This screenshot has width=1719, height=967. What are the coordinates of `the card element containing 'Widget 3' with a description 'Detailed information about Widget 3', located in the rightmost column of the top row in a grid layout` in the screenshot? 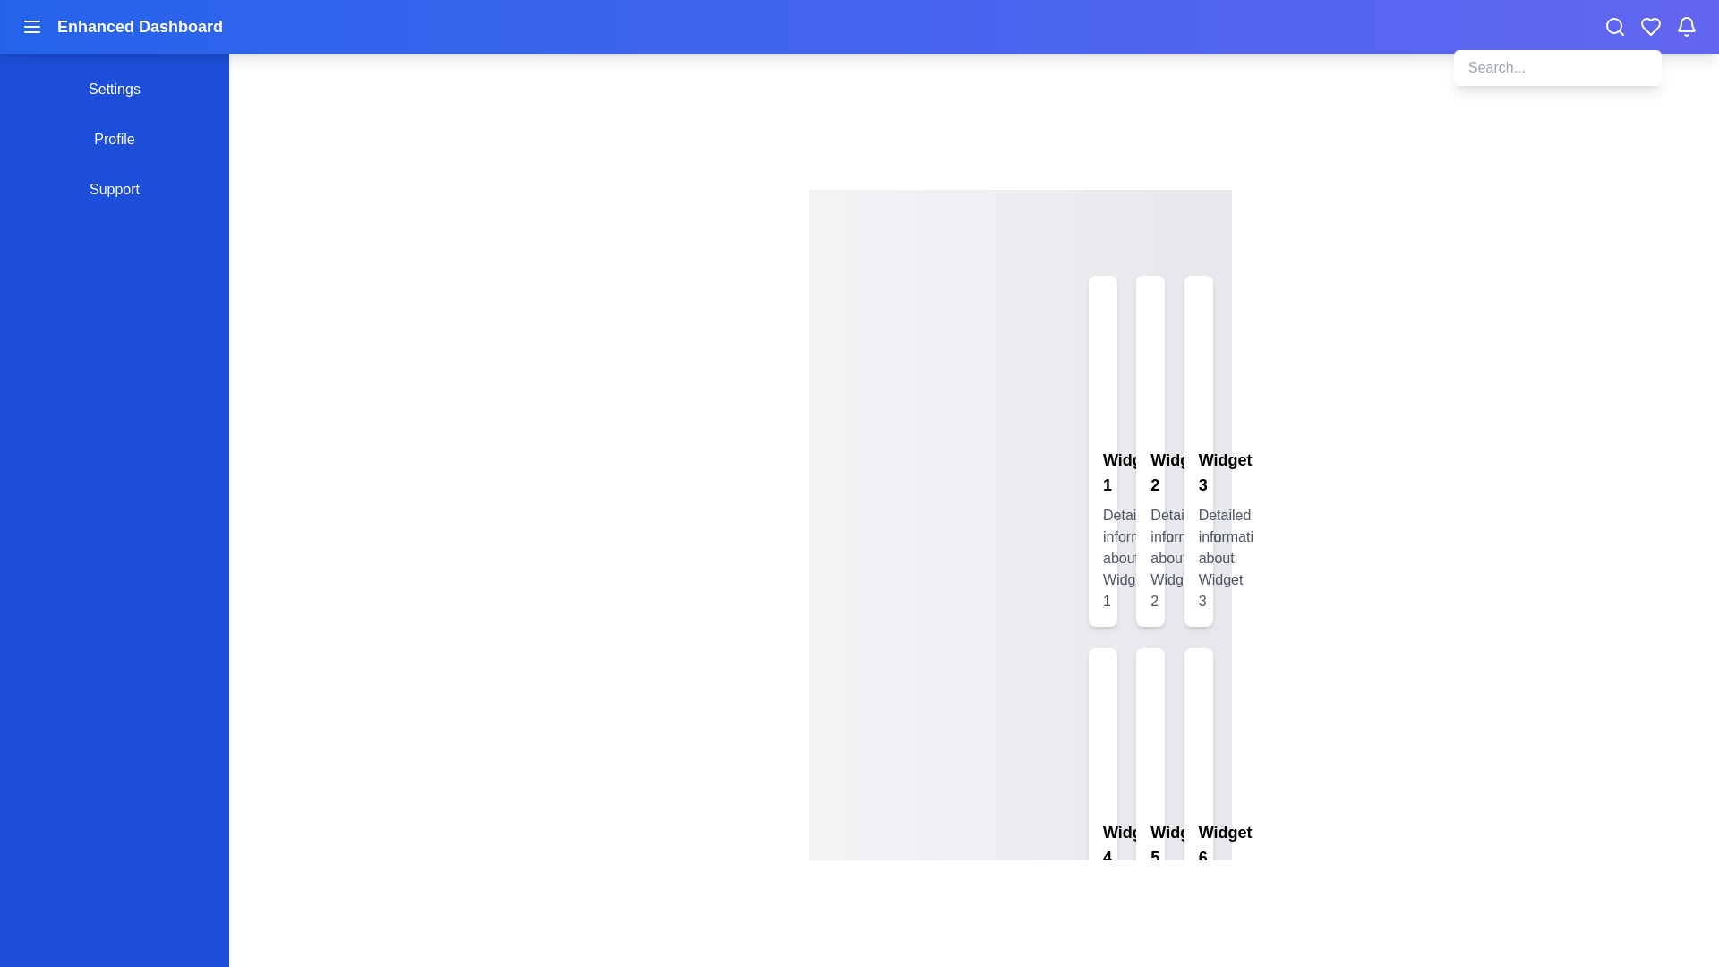 It's located at (1198, 450).